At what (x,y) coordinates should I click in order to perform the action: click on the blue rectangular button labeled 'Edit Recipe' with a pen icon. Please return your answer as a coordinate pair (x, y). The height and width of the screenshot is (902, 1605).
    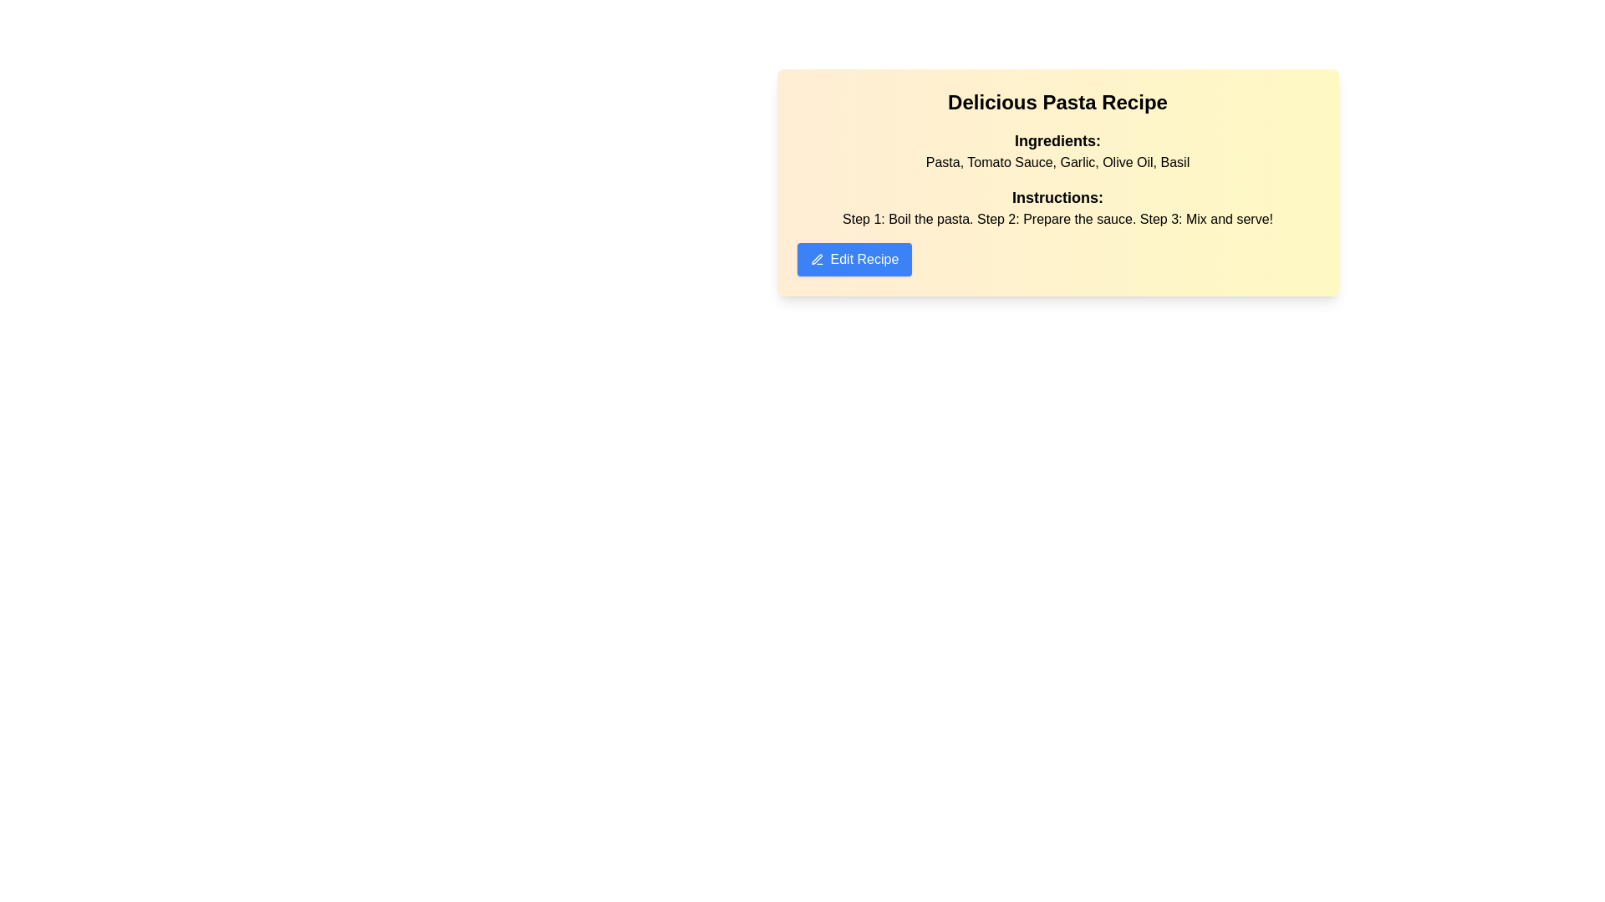
    Looking at the image, I should click on (854, 260).